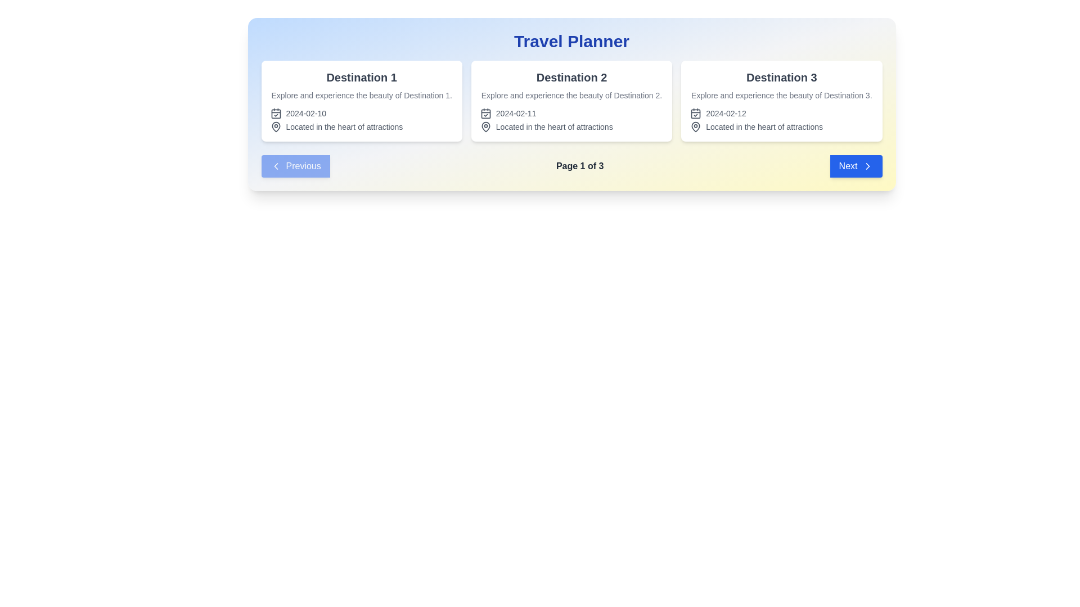 Image resolution: width=1080 pixels, height=607 pixels. What do you see at coordinates (571, 40) in the screenshot?
I see `the heading text 'Travel Planner', which is a large bold blue text displayed in a central position at the top of the interface` at bounding box center [571, 40].